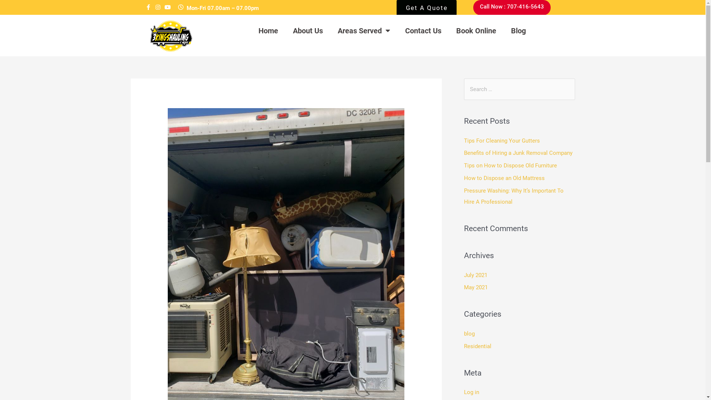 This screenshot has width=711, height=400. Describe the element at coordinates (476, 30) in the screenshot. I see `'Book Online'` at that location.